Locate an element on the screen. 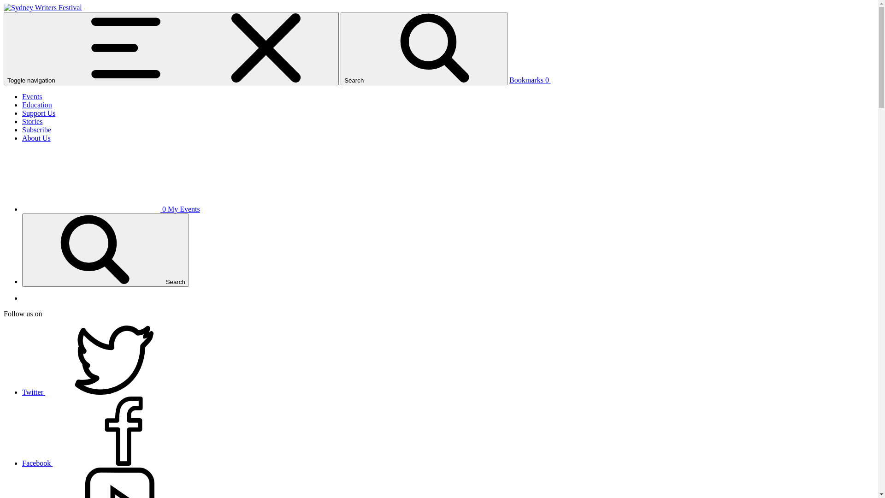  '0 My Events' is located at coordinates (111, 209).